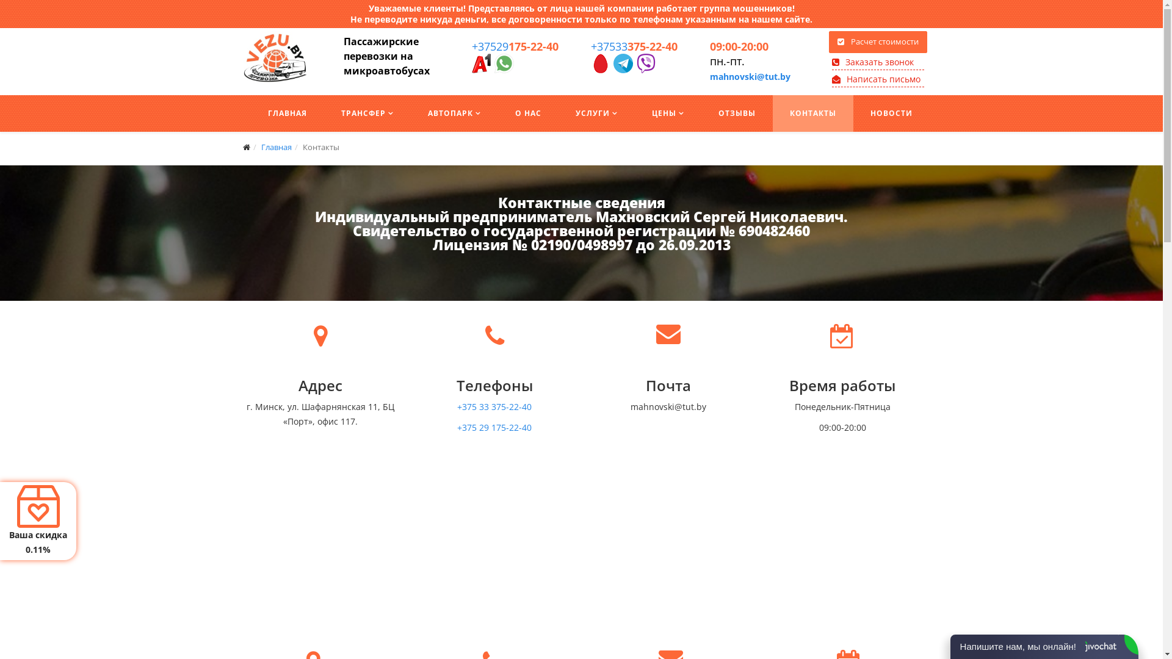 This screenshot has width=1172, height=659. I want to click on '+37529, so click(515, 46).